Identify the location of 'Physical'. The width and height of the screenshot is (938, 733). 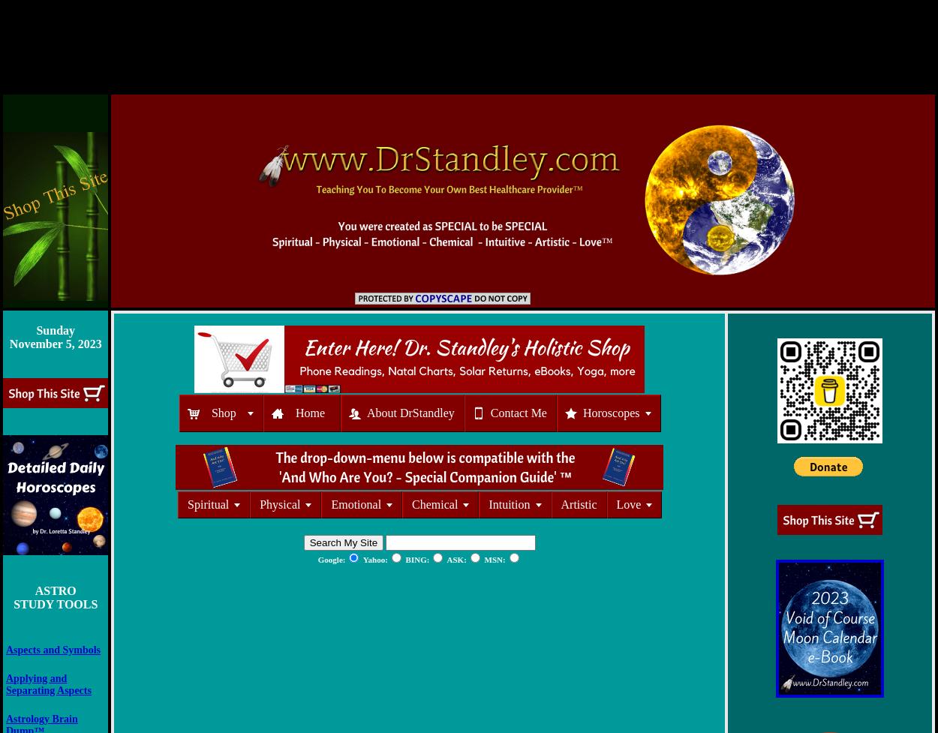
(279, 504).